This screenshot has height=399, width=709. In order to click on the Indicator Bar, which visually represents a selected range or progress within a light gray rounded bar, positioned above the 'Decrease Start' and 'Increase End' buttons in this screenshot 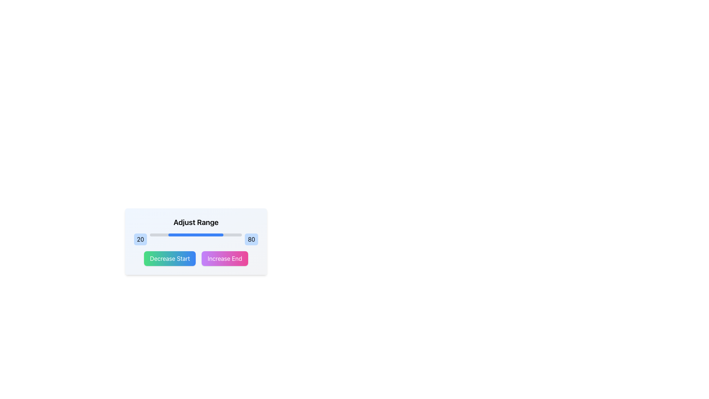, I will do `click(196, 235)`.